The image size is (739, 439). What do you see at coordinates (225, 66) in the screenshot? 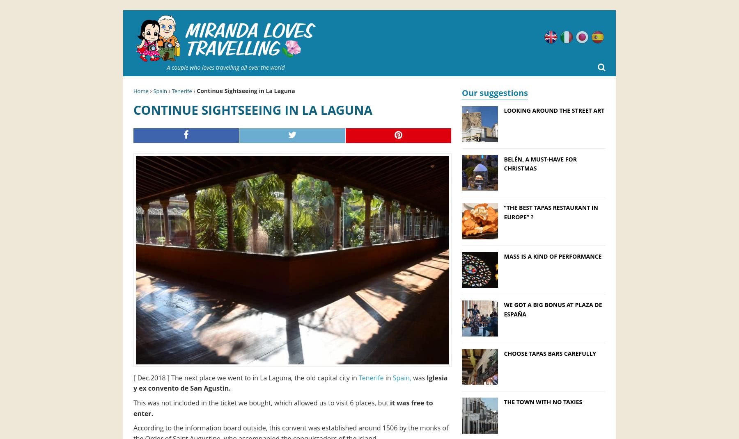
I see `'A couple who loves travelling all over the world'` at bounding box center [225, 66].